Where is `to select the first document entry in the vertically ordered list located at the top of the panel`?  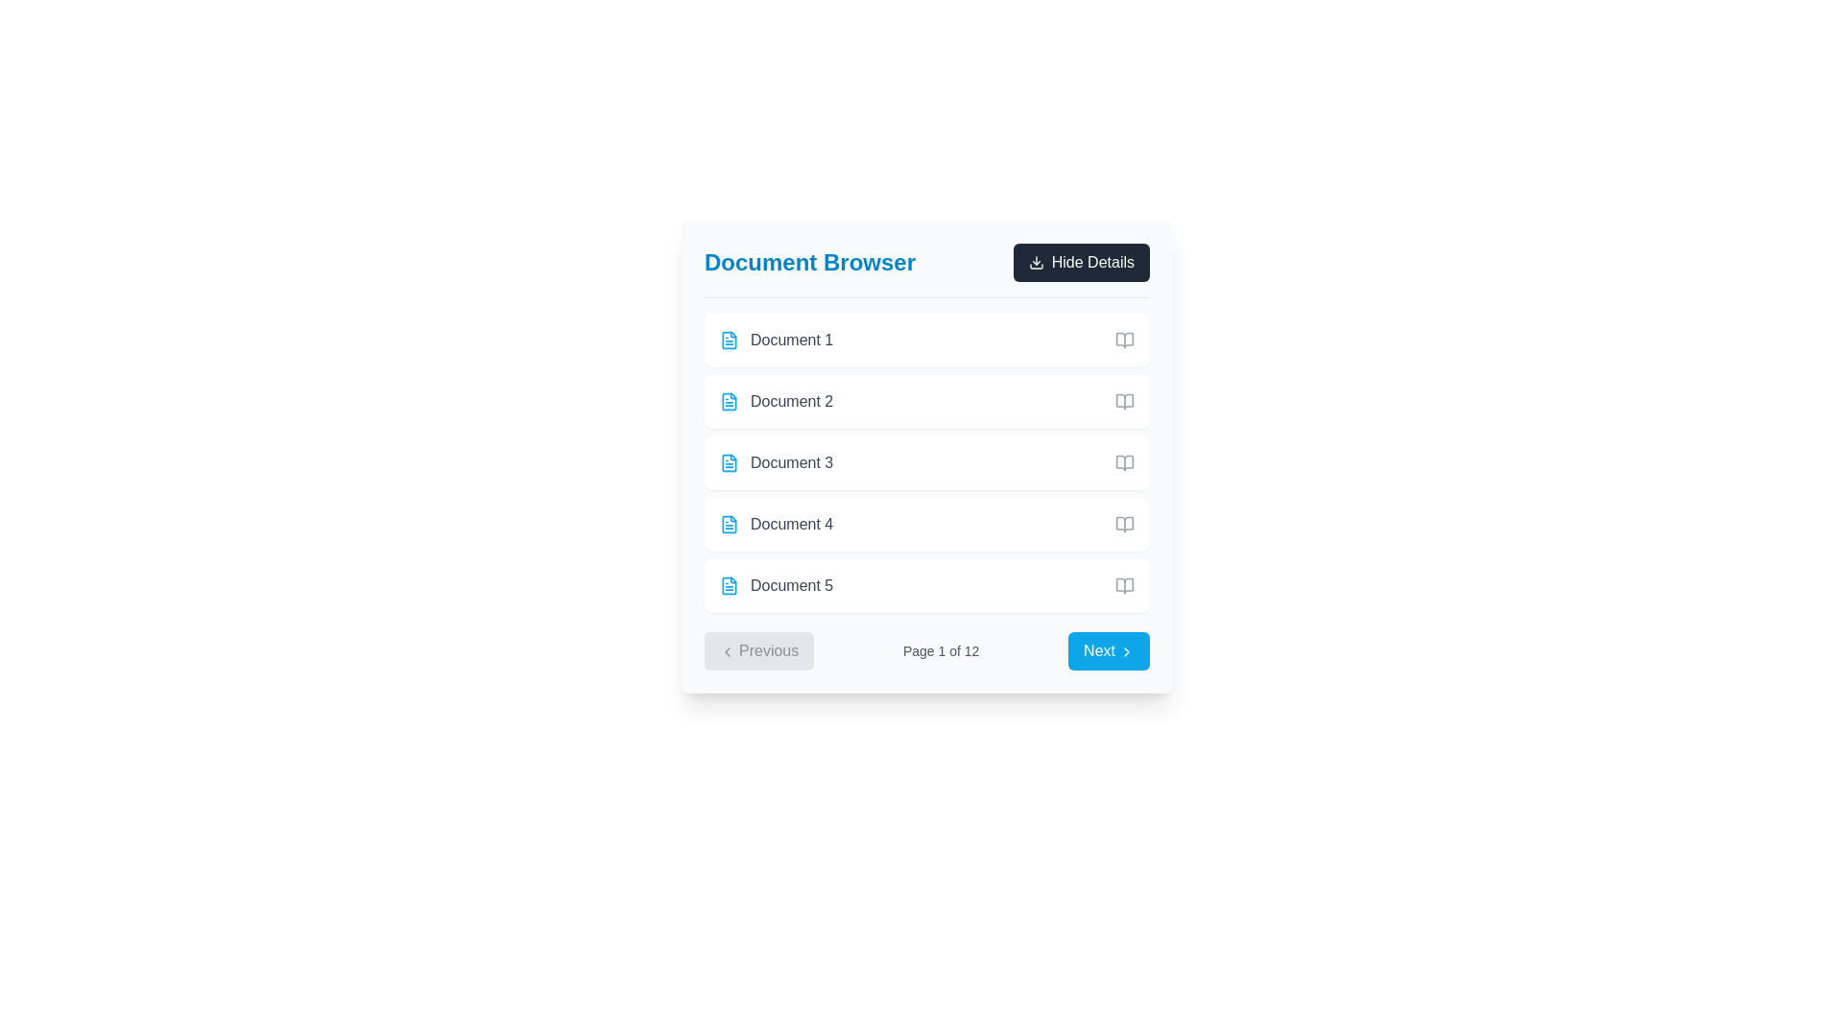 to select the first document entry in the vertically ordered list located at the top of the panel is located at coordinates (926, 339).